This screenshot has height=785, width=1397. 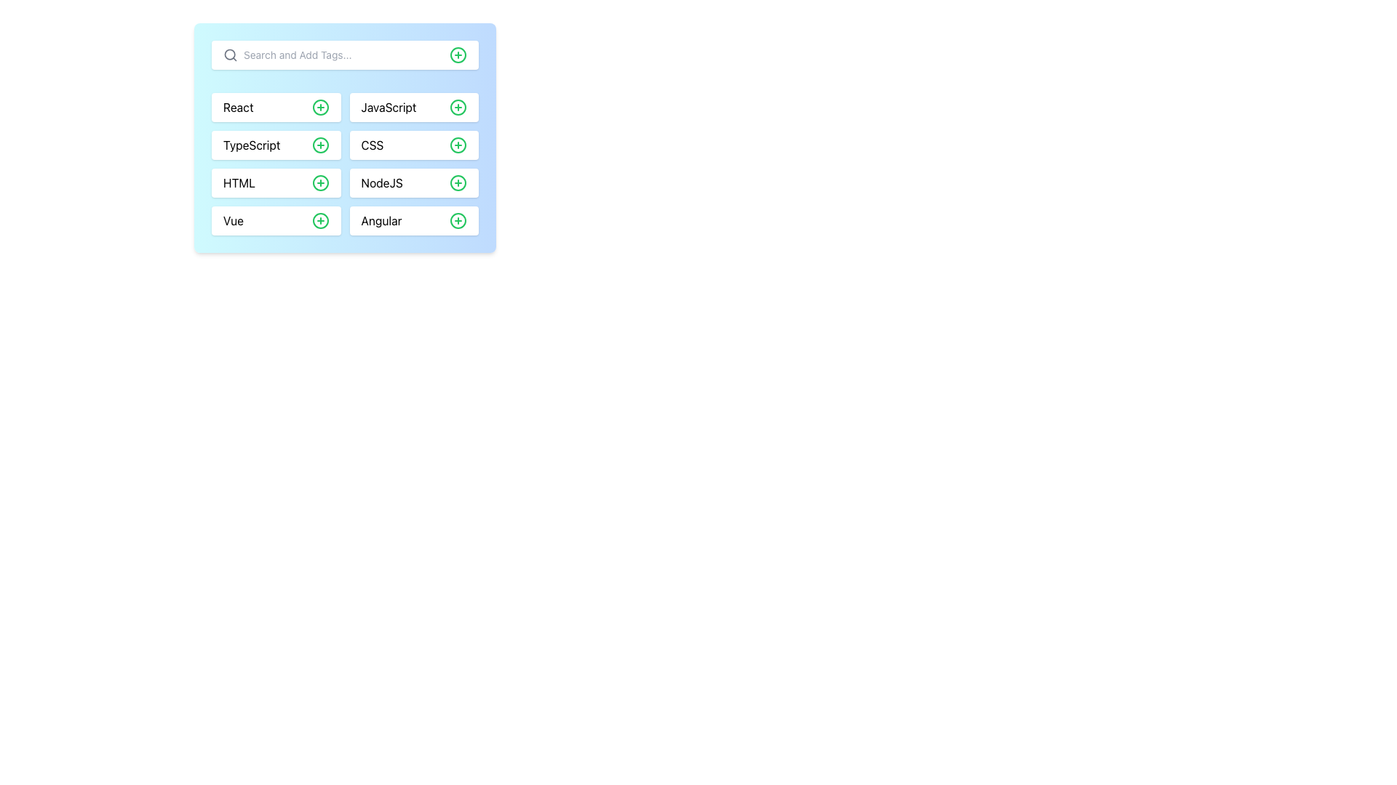 I want to click on the SVG graphical component of the icon that triggers the action to add or associate the 'React' tag, located near the upper center of the interface, right of the 'React' tag text, so click(x=319, y=106).